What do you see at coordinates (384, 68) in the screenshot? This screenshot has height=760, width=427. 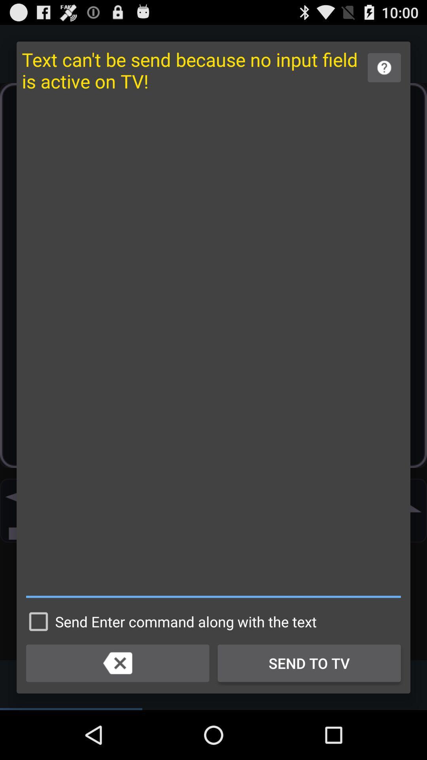 I see `the item at the top right corner` at bounding box center [384, 68].